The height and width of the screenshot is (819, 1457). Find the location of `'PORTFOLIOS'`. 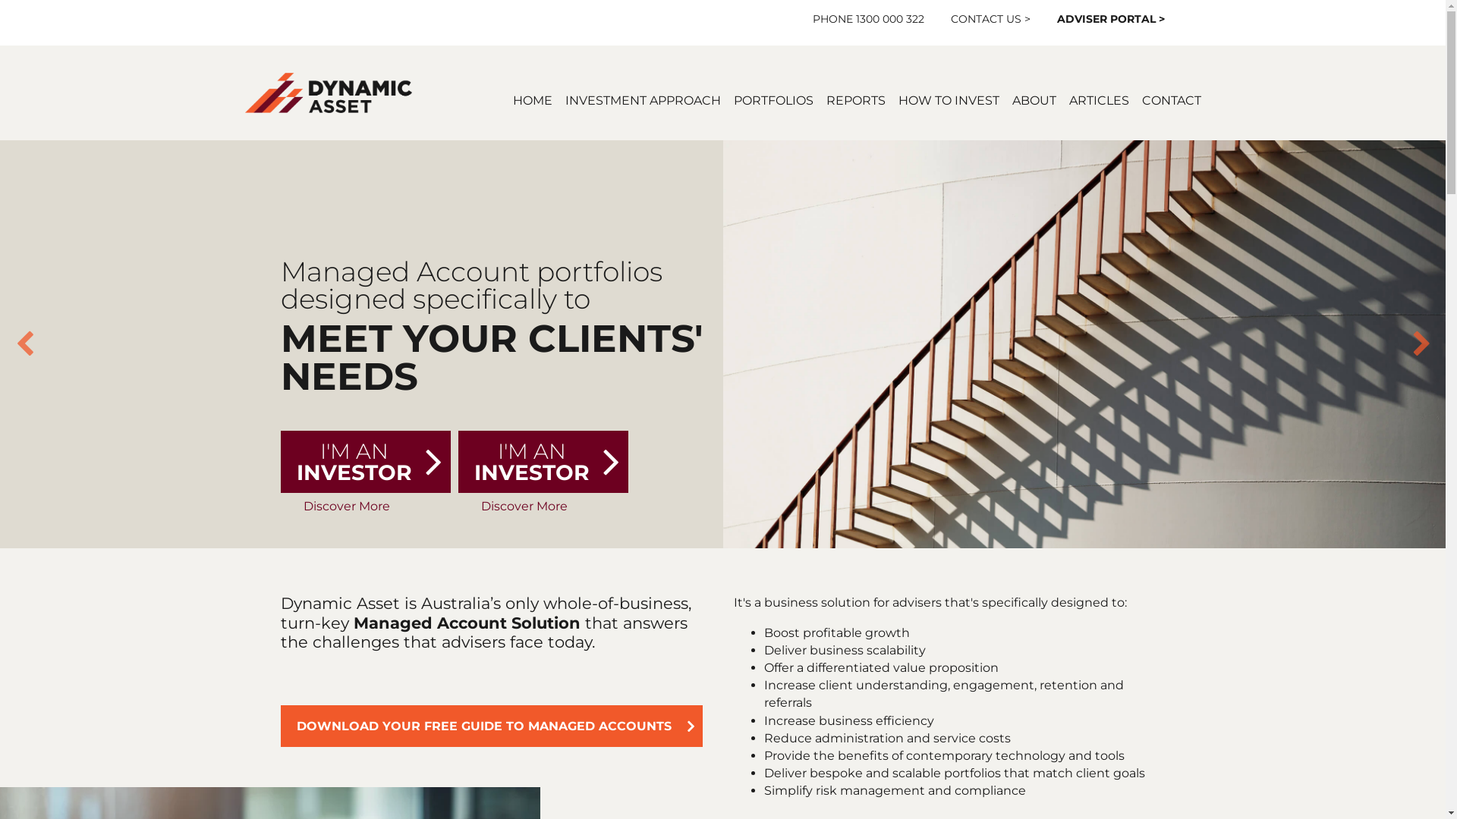

'PORTFOLIOS' is located at coordinates (773, 100).